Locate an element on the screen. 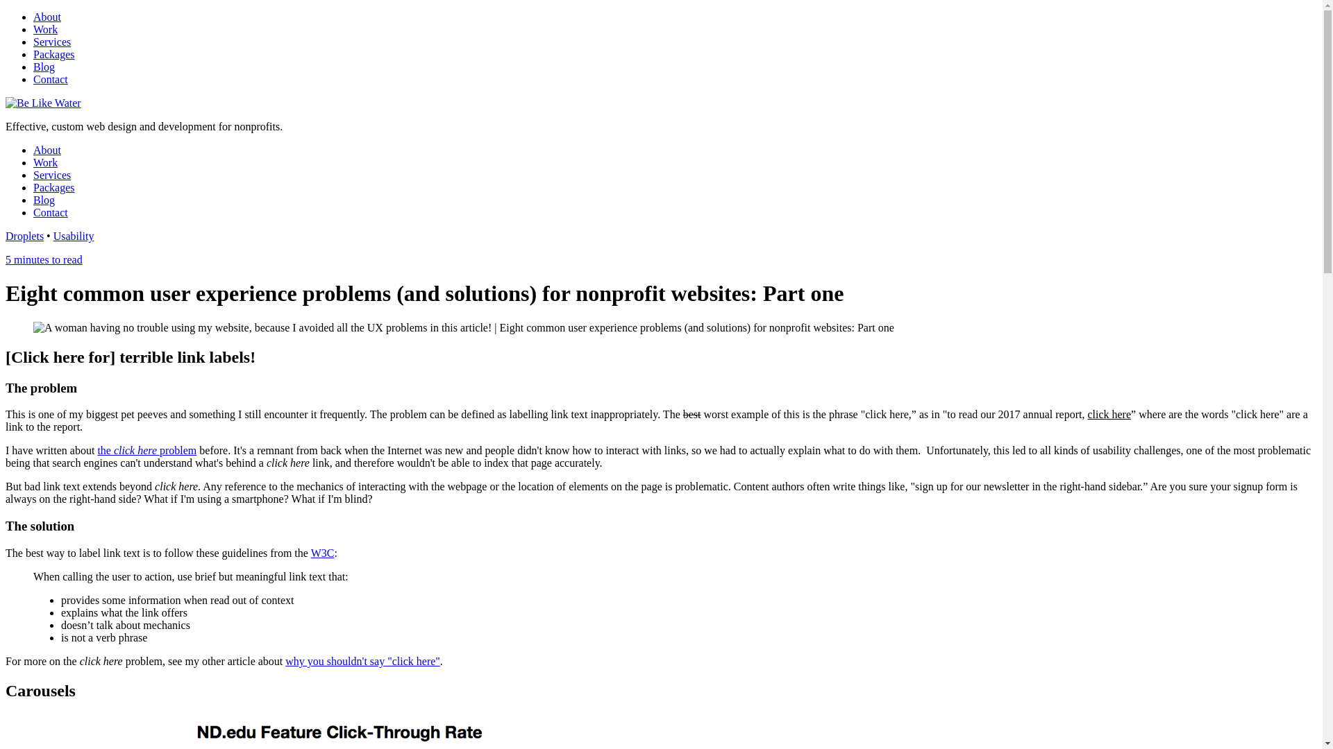 The width and height of the screenshot is (1333, 749). 'Usability' is located at coordinates (73, 235).